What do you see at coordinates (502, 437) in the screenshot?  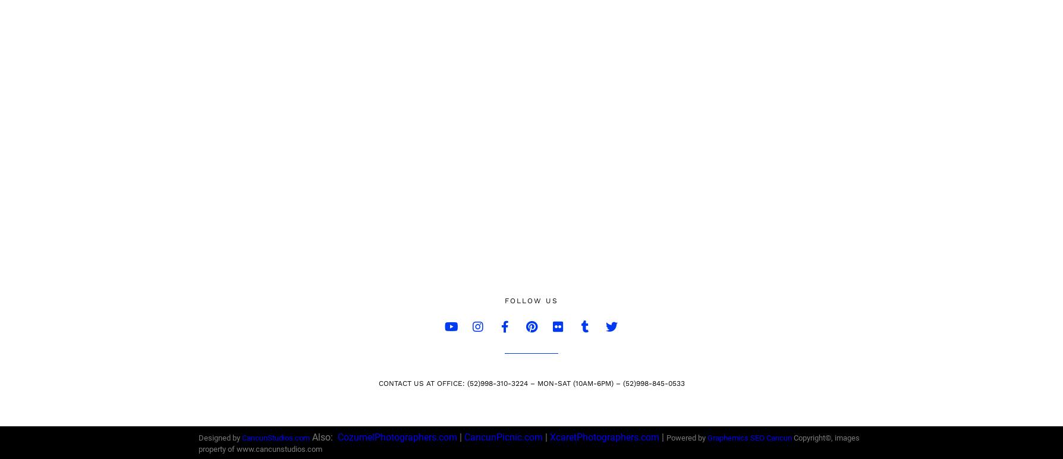 I see `'CancunPicnic.com'` at bounding box center [502, 437].